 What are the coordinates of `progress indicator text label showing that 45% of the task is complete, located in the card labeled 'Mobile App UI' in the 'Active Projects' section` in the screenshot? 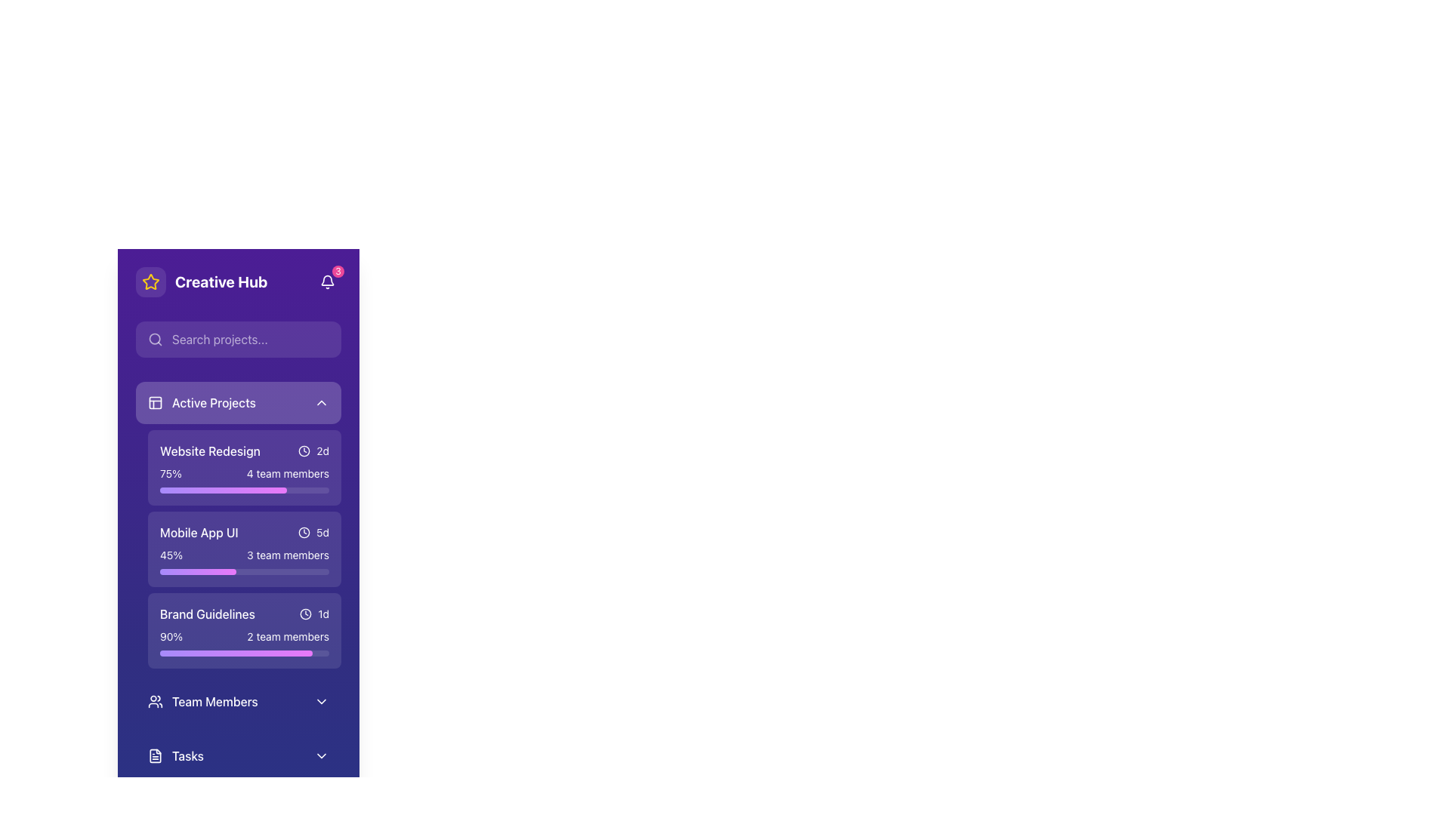 It's located at (171, 555).